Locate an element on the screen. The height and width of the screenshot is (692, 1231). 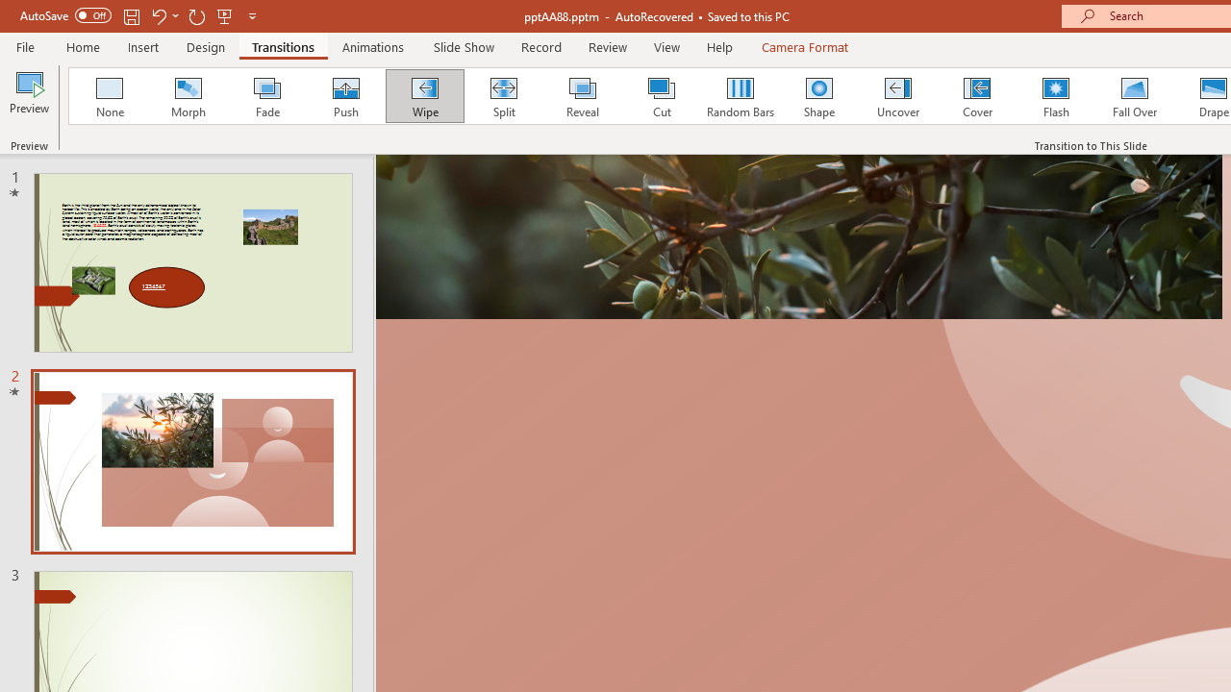
'AutoSave' is located at coordinates (65, 15).